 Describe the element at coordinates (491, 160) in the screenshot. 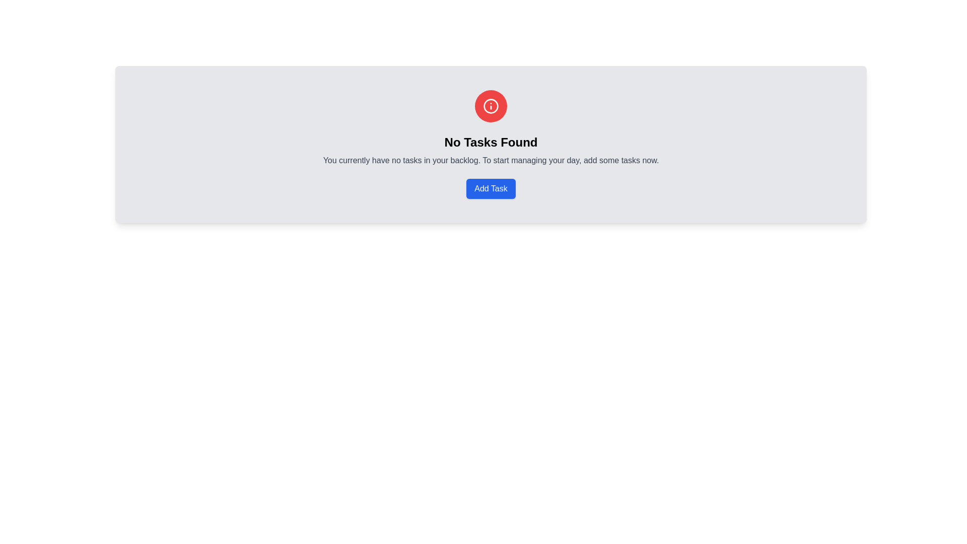

I see `the text element stating 'You currently have no tasks in your backlog. To start managing your day, add some tasks now.', which is located beneath the heading 'No Tasks Found' and above the 'Add Task' button` at that location.